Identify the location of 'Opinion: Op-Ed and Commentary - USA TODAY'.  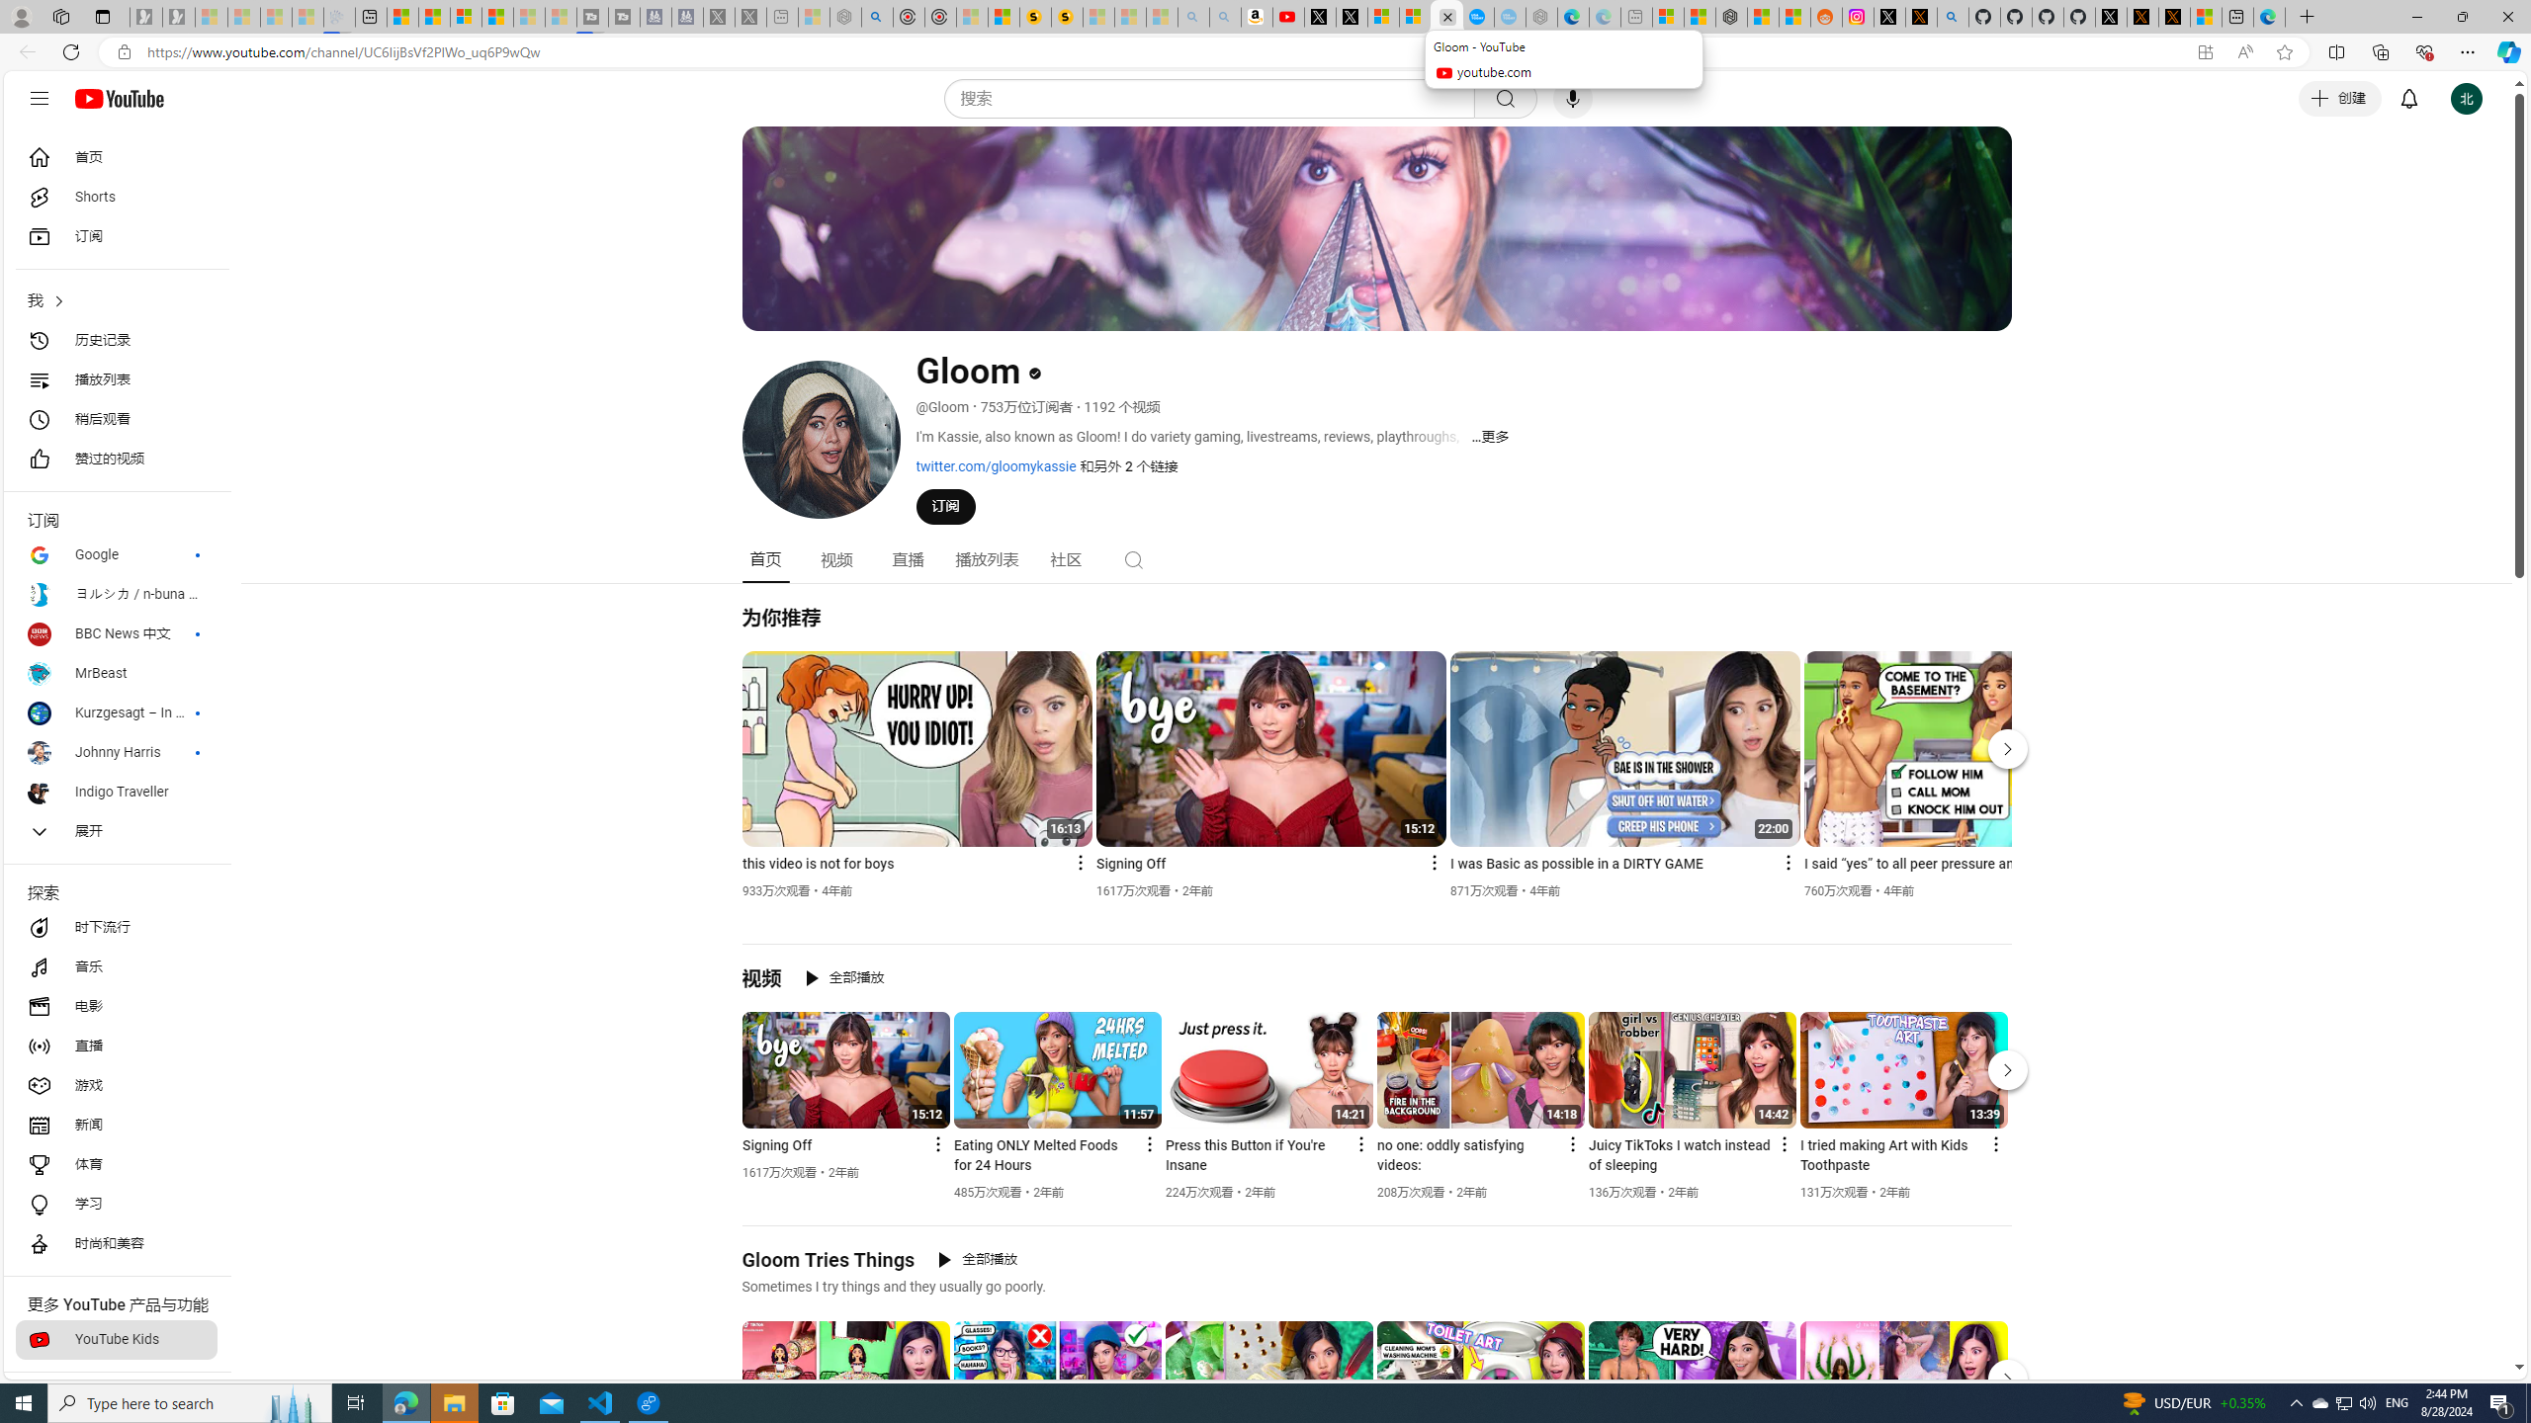
(1479, 16).